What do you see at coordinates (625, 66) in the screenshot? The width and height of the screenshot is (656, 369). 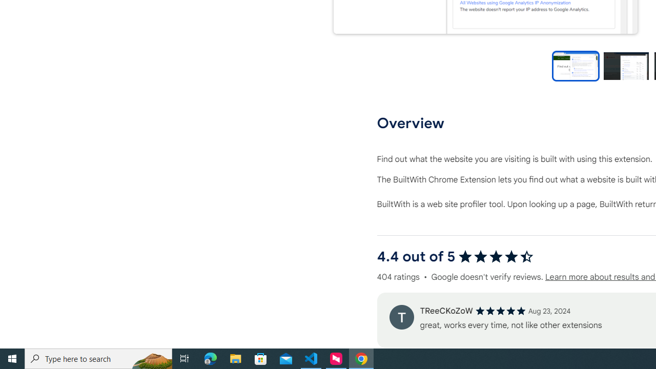 I see `'Preview slide 2'` at bounding box center [625, 66].